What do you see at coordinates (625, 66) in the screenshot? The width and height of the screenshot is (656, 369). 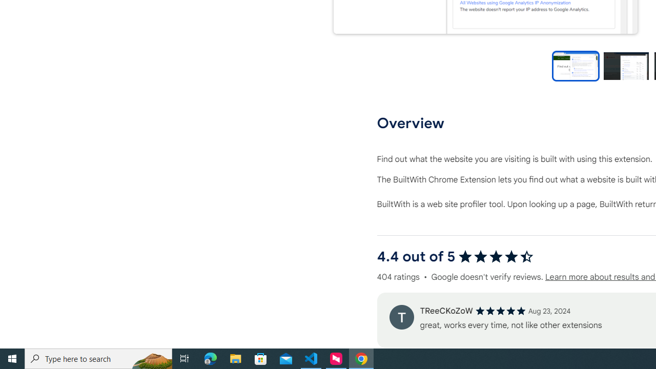 I see `'Preview slide 2'` at bounding box center [625, 66].